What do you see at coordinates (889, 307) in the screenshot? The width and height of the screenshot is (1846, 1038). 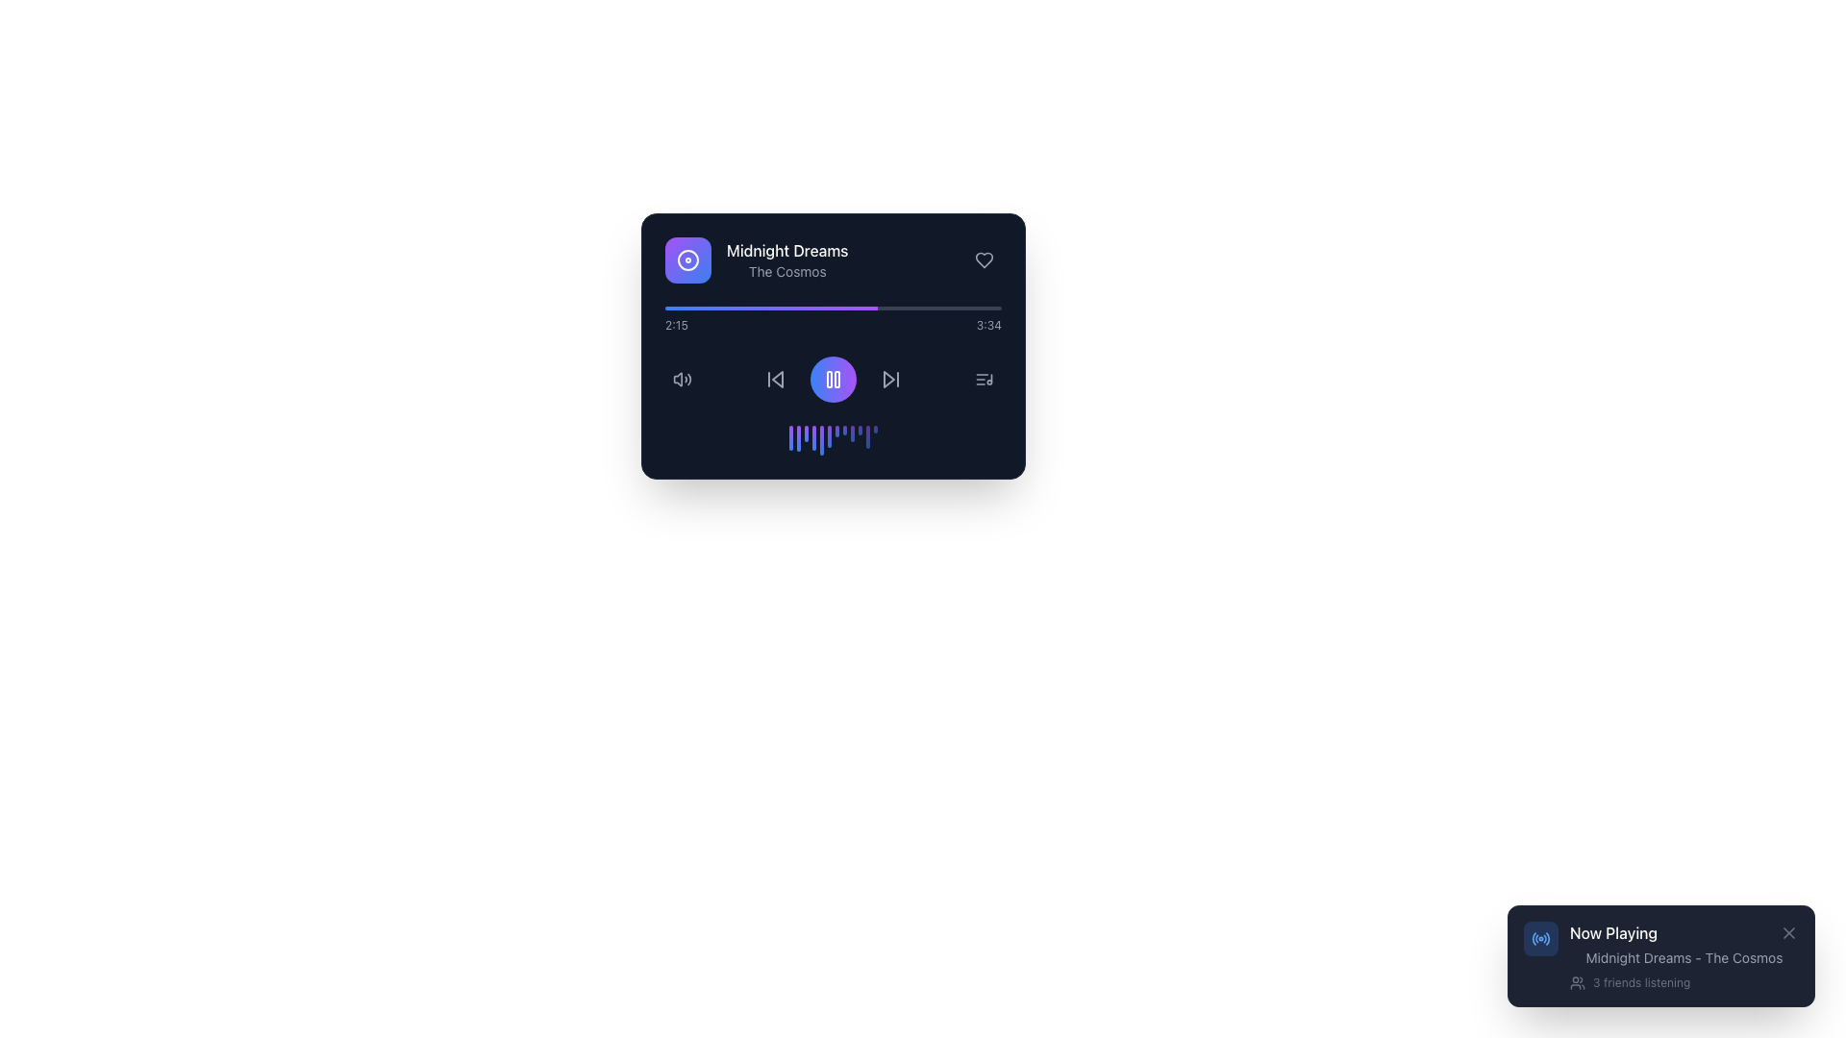 I see `progress` at bounding box center [889, 307].